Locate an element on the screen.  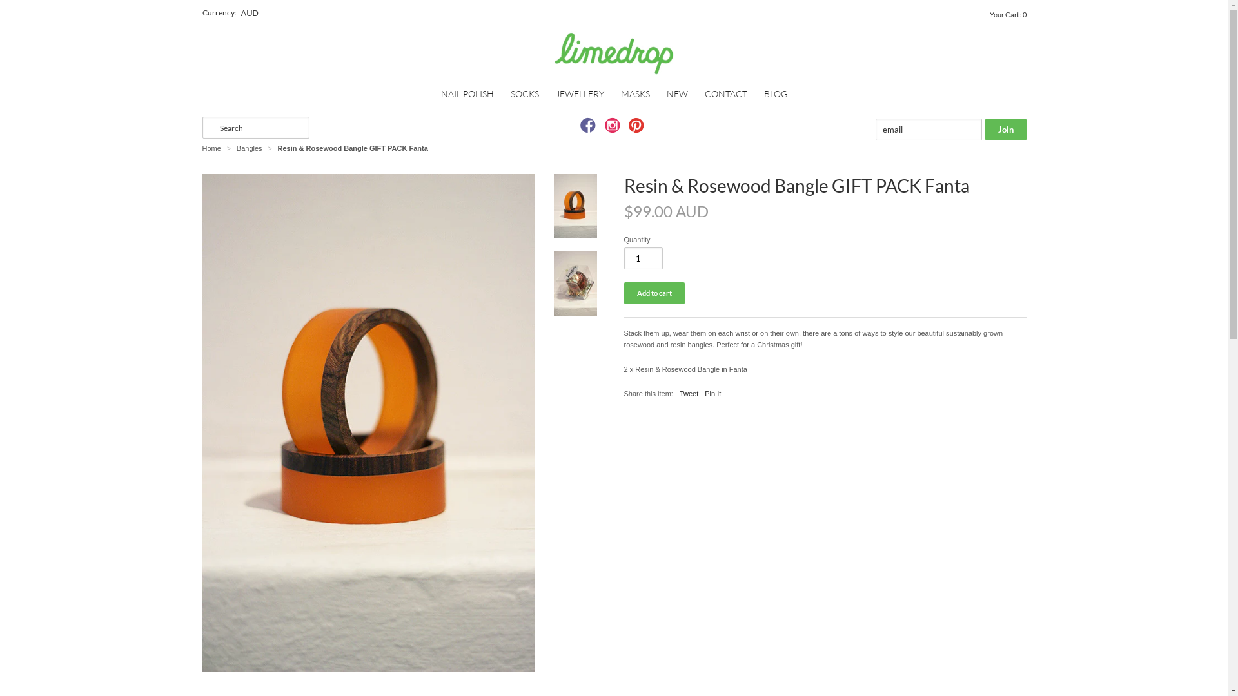
'Follow us on Pinterest' is located at coordinates (638, 129).